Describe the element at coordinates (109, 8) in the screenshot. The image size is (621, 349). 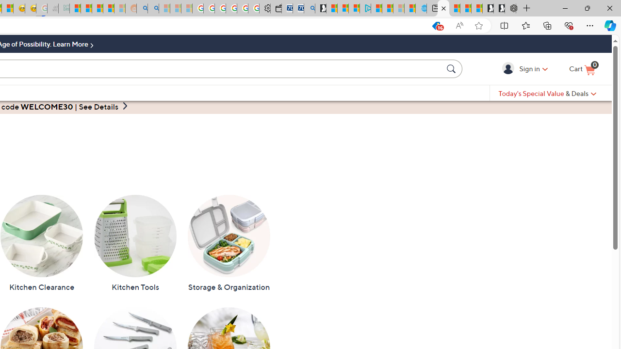
I see `'Student Loan Update: Forgiveness Program Ends This Month'` at that location.